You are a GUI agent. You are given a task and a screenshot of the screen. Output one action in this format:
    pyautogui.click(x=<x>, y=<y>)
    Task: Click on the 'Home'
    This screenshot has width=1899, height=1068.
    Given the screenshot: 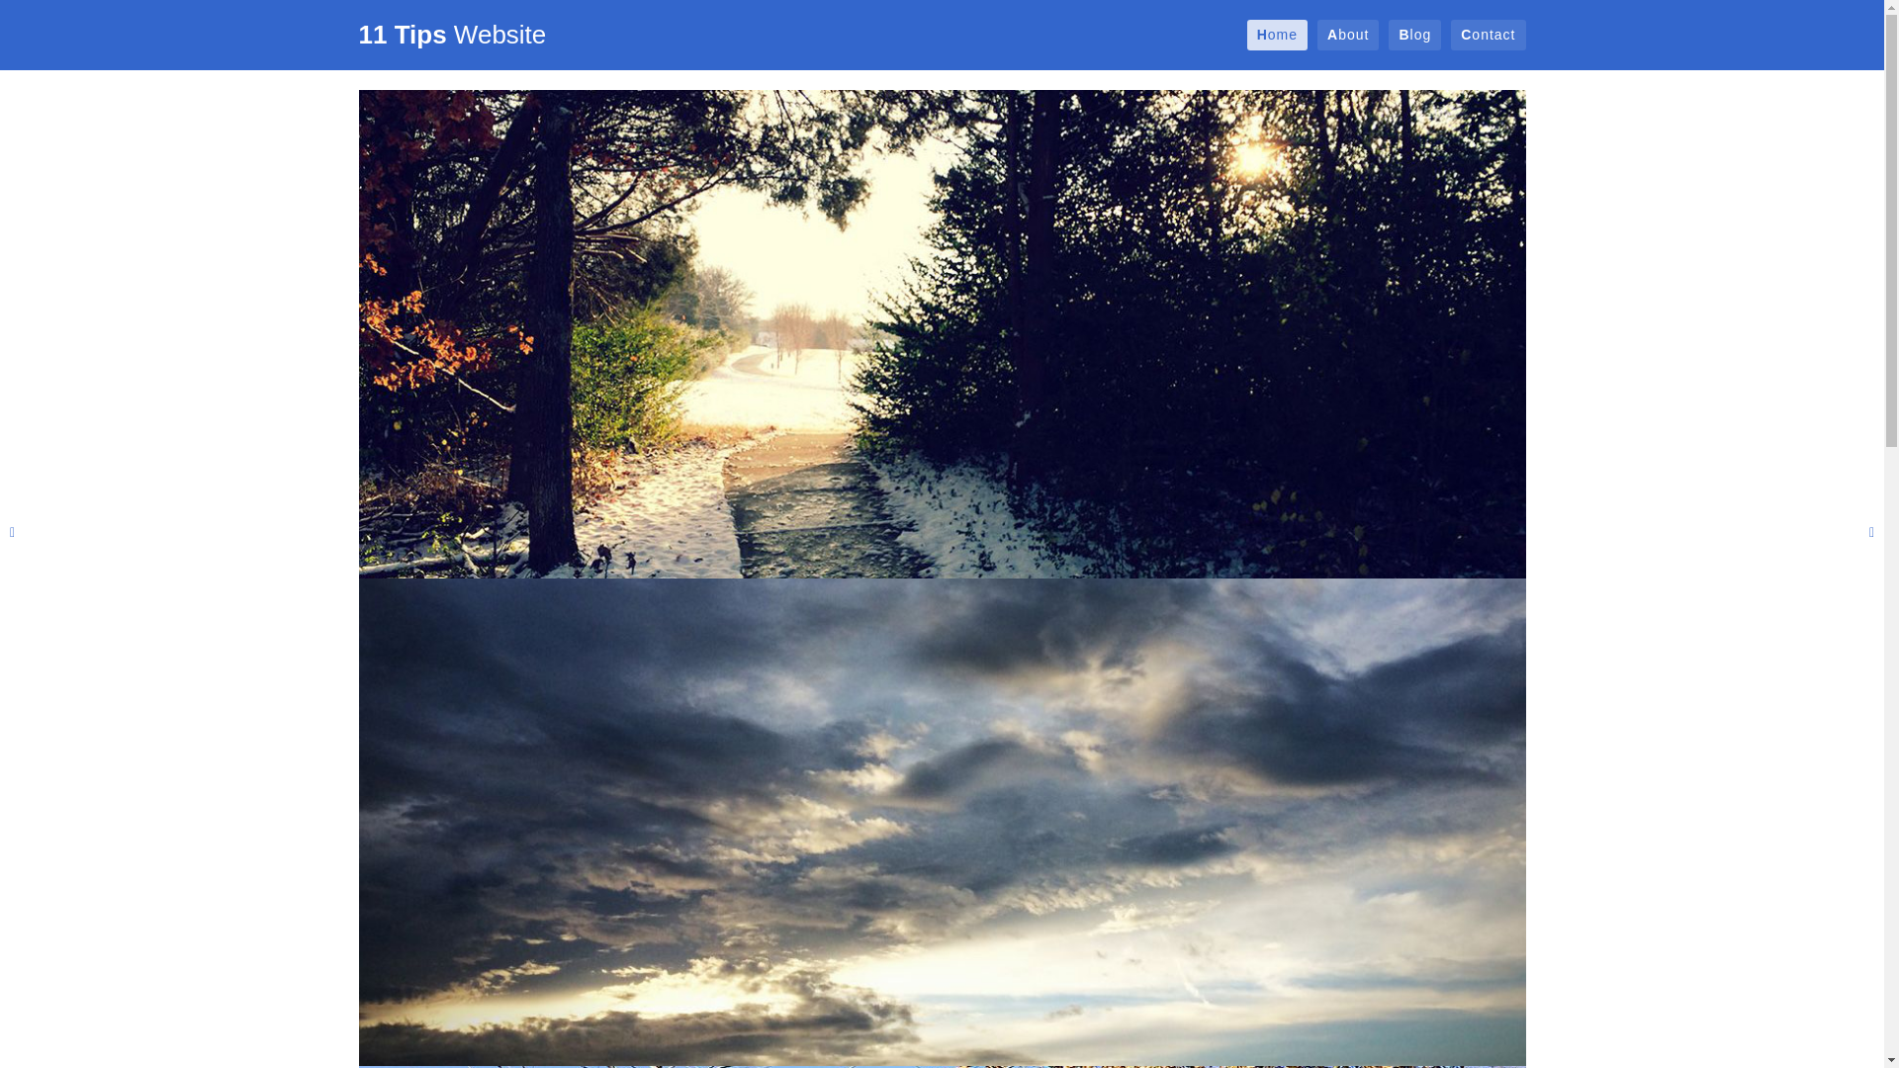 What is the action you would take?
    pyautogui.click(x=1277, y=35)
    